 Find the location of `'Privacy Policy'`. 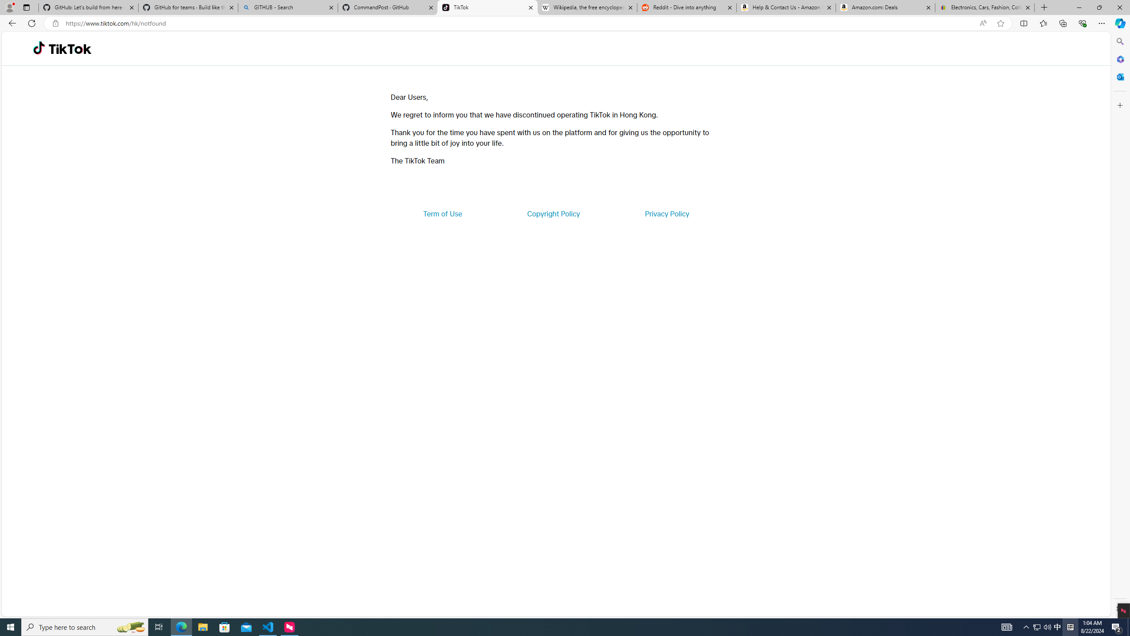

'Privacy Policy' is located at coordinates (666, 213).